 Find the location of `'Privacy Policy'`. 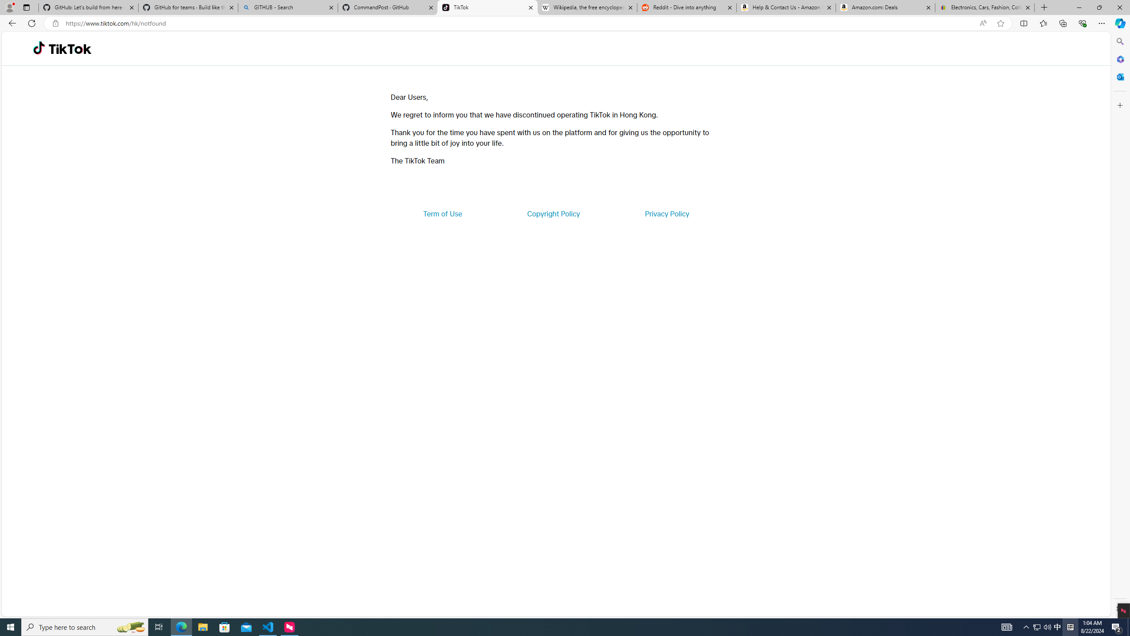

'Privacy Policy' is located at coordinates (666, 213).